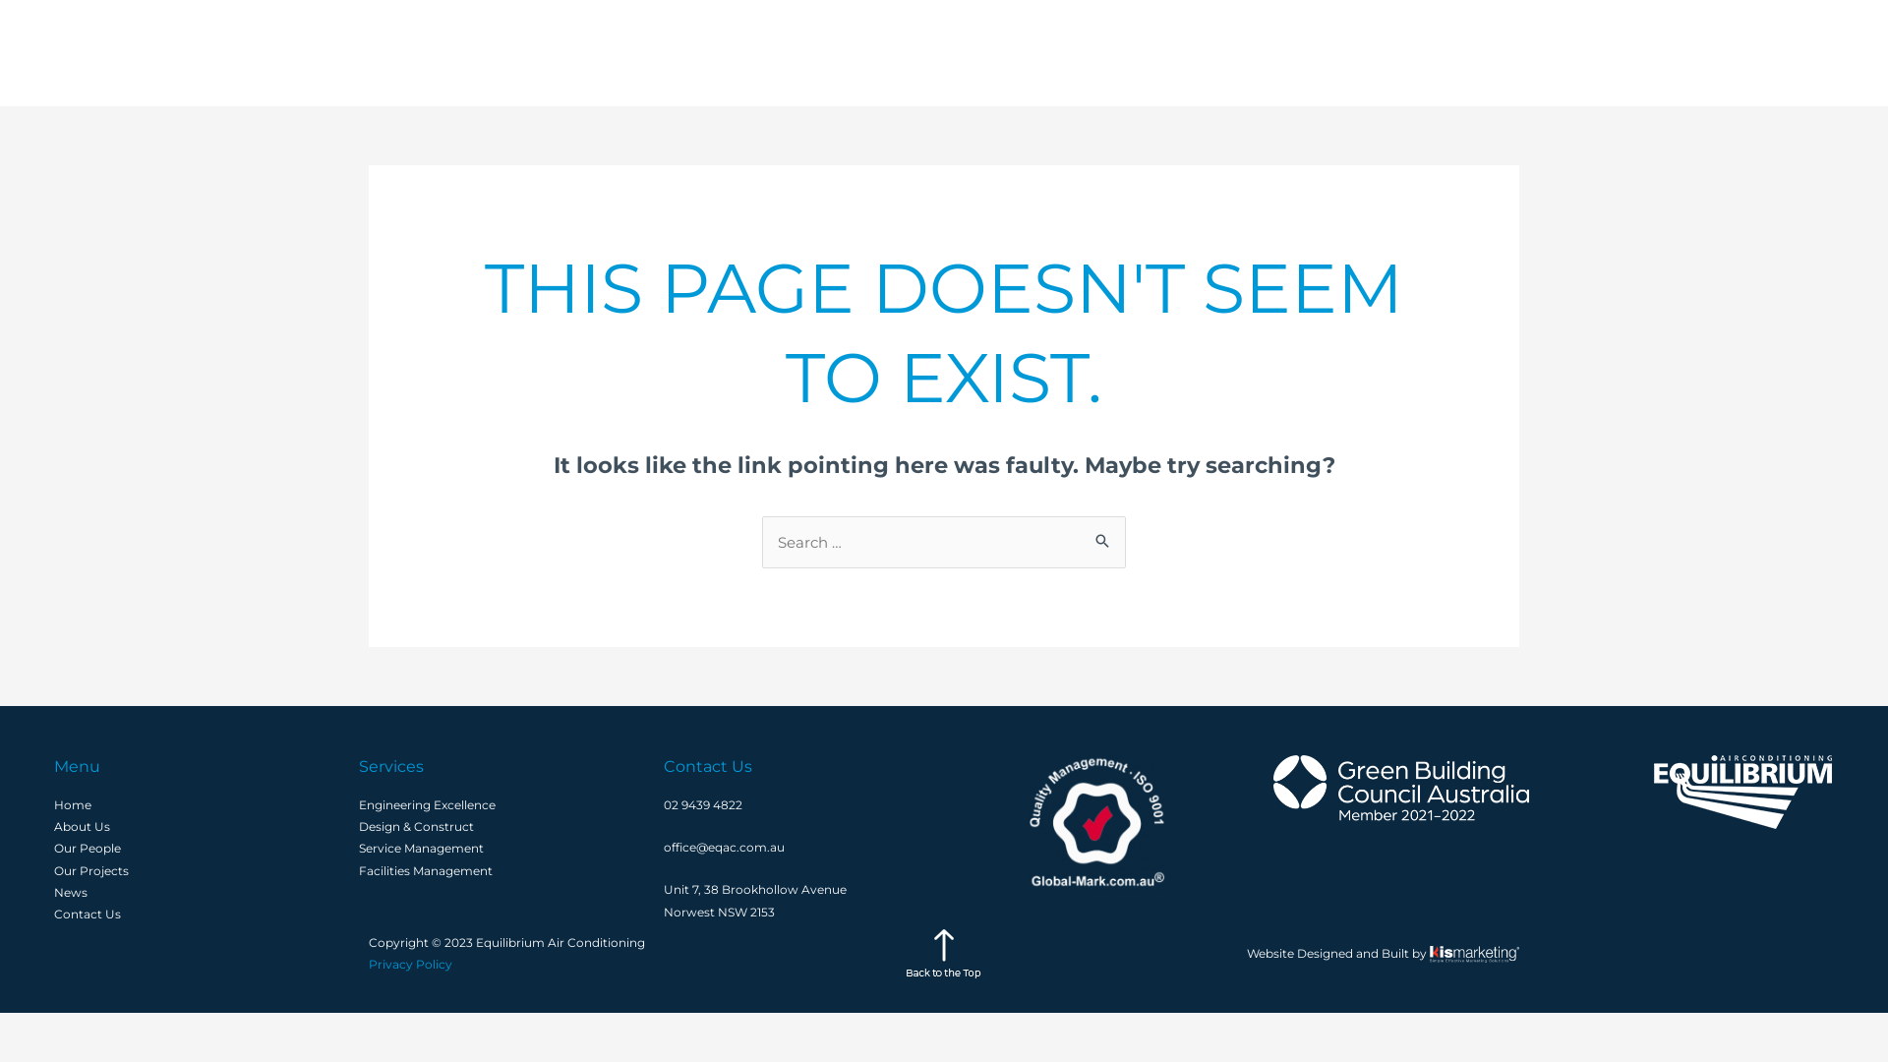  Describe the element at coordinates (415, 826) in the screenshot. I see `'Design & Construct'` at that location.